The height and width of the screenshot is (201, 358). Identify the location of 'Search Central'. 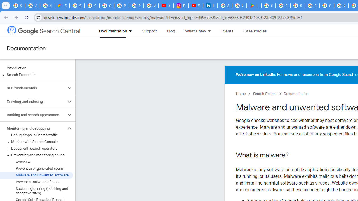
(264, 93).